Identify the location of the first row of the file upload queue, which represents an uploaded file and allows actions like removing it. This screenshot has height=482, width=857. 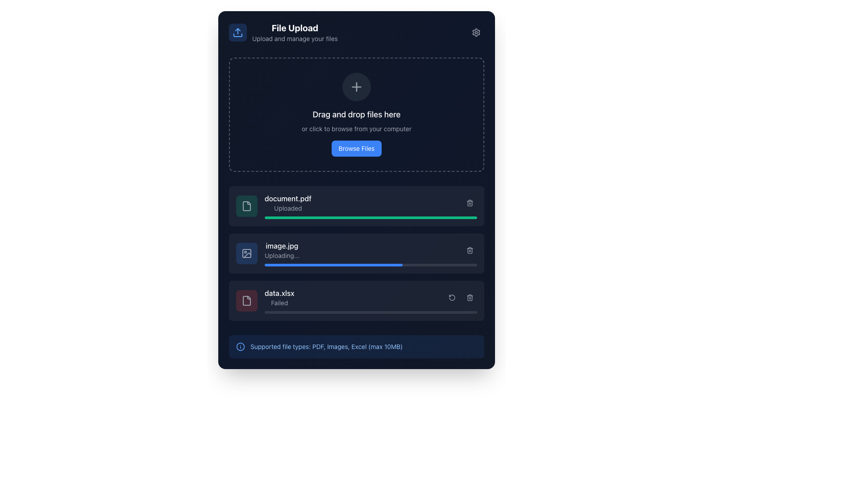
(370, 203).